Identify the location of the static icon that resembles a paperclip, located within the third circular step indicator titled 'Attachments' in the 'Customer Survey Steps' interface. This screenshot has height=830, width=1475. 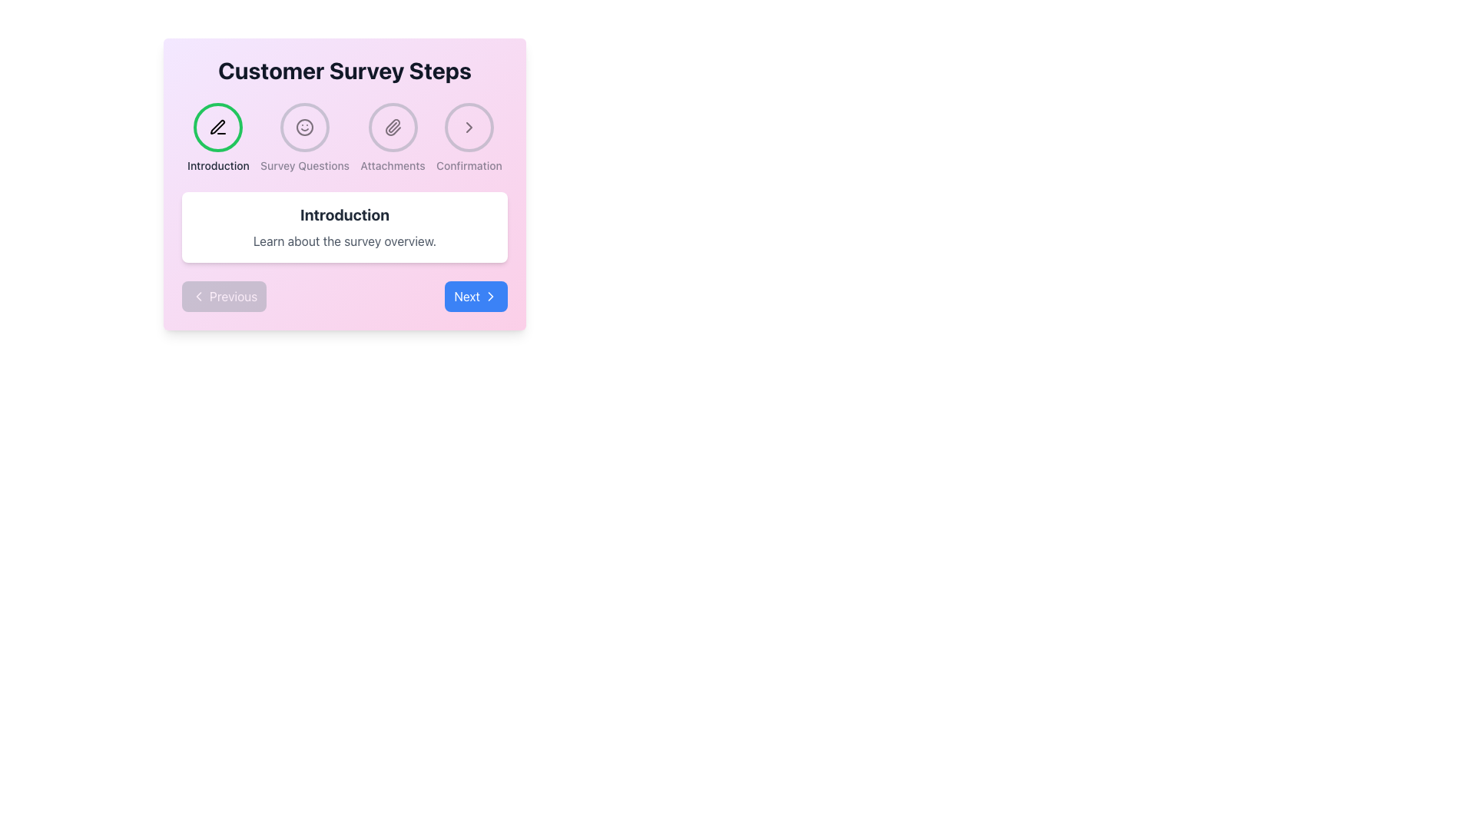
(393, 126).